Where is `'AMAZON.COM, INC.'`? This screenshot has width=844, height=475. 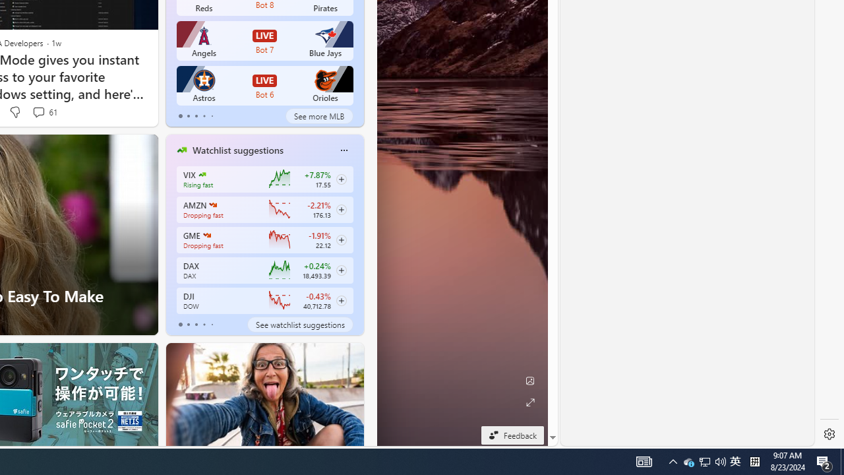
'AMAZON.COM, INC.' is located at coordinates (212, 205).